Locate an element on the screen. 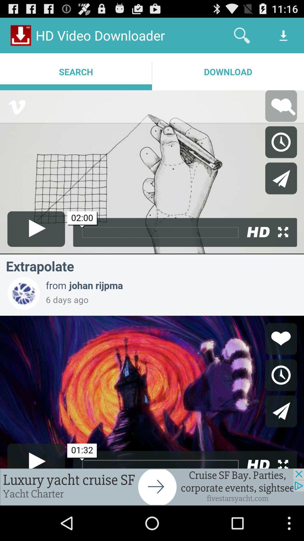 The width and height of the screenshot is (304, 541). item above the download app is located at coordinates (242, 35).